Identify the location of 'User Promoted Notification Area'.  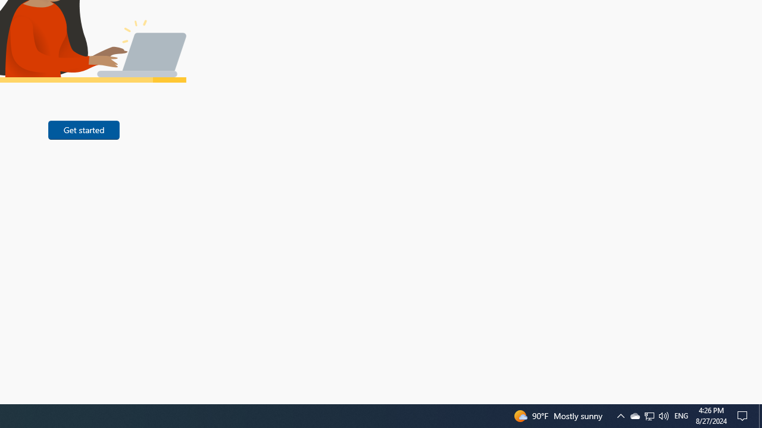
(663, 415).